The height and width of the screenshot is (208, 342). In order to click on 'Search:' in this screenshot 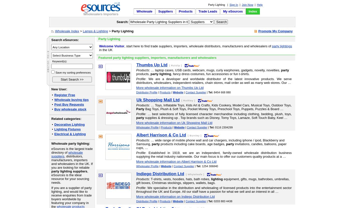, I will do `click(122, 22)`.